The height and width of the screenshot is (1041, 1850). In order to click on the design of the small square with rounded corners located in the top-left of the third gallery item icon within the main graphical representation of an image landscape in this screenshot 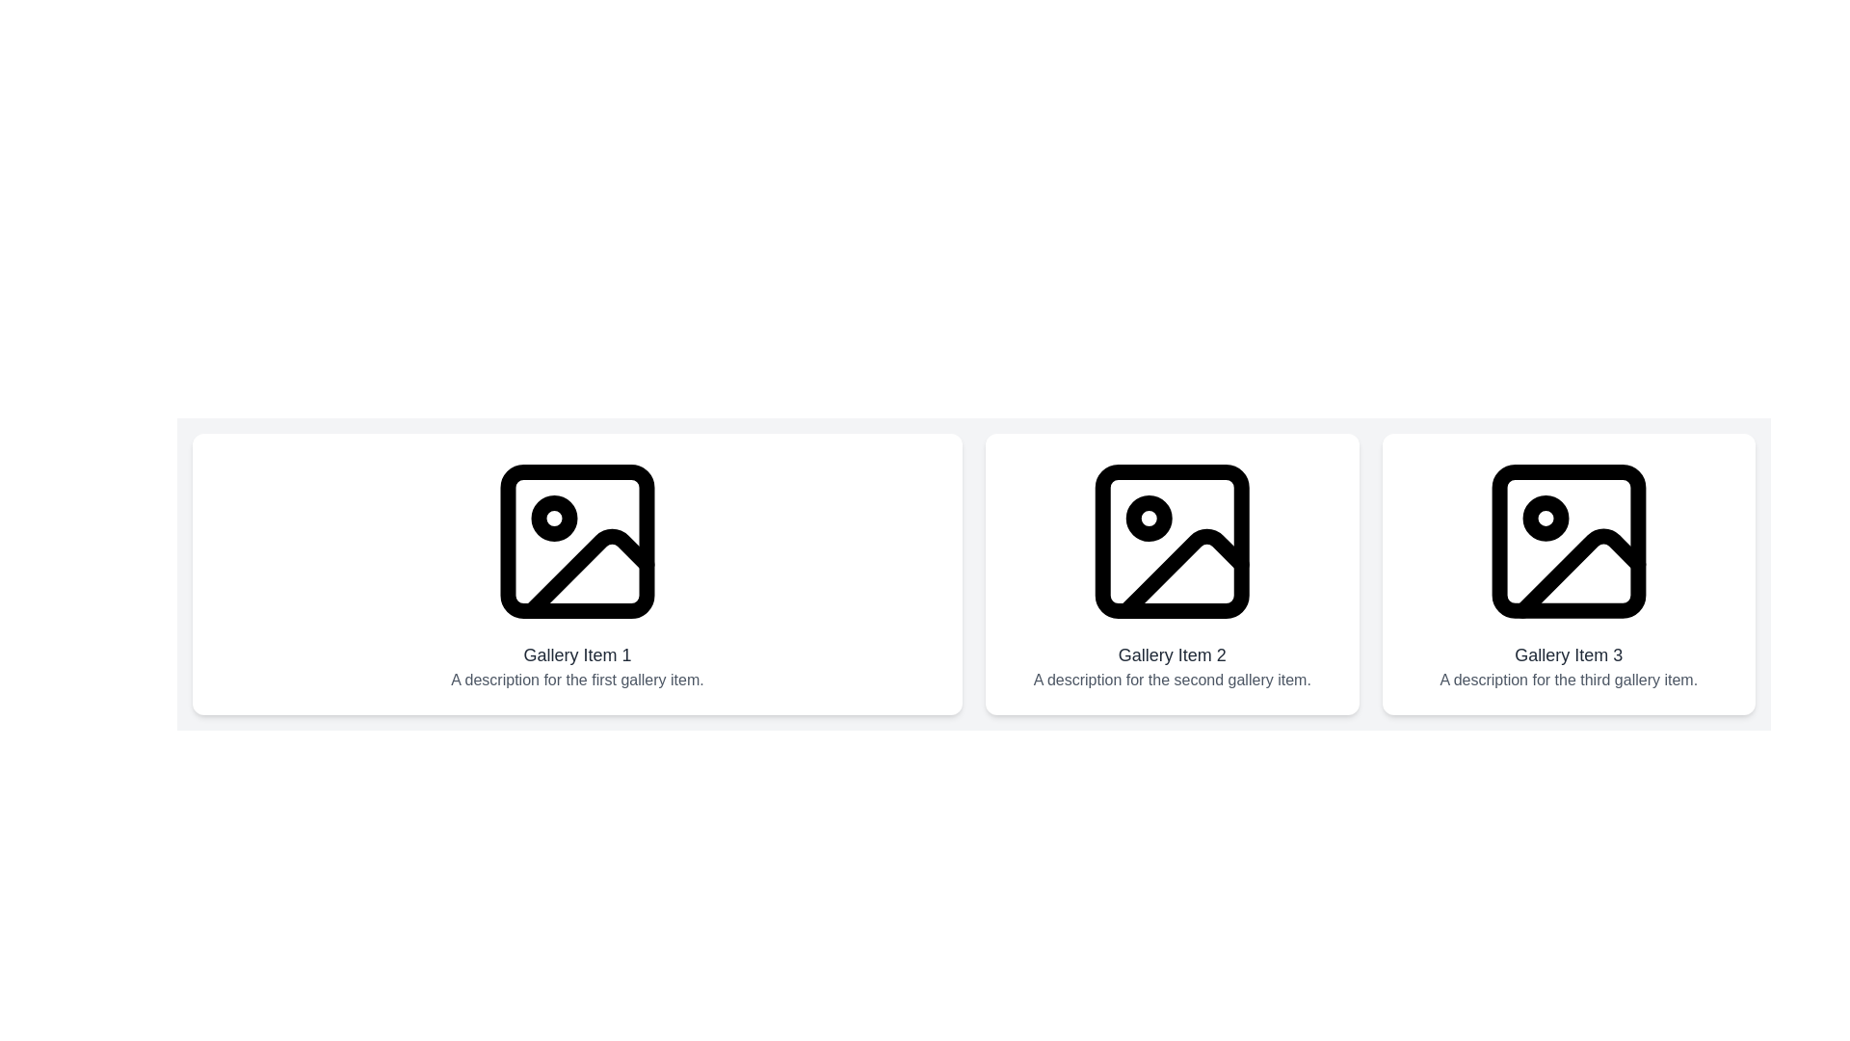, I will do `click(1569, 542)`.